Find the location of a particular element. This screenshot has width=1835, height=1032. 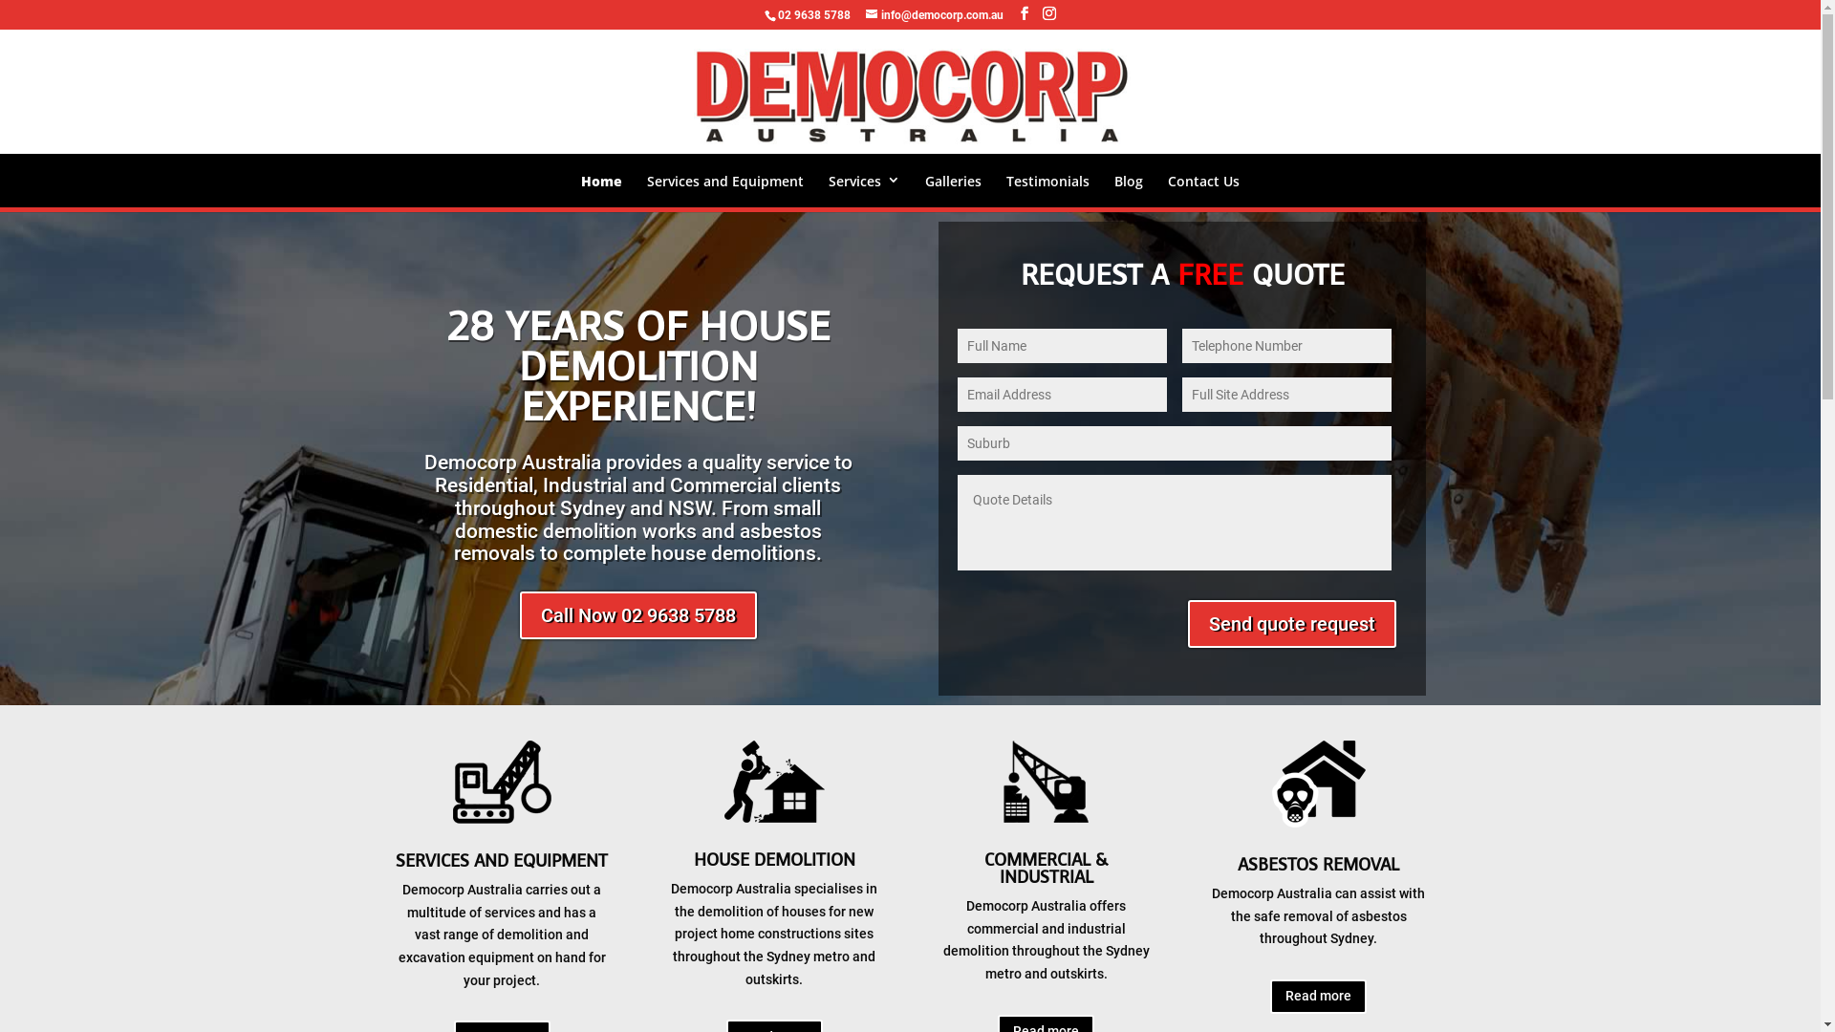

'info@democorp.com.au' is located at coordinates (935, 14).